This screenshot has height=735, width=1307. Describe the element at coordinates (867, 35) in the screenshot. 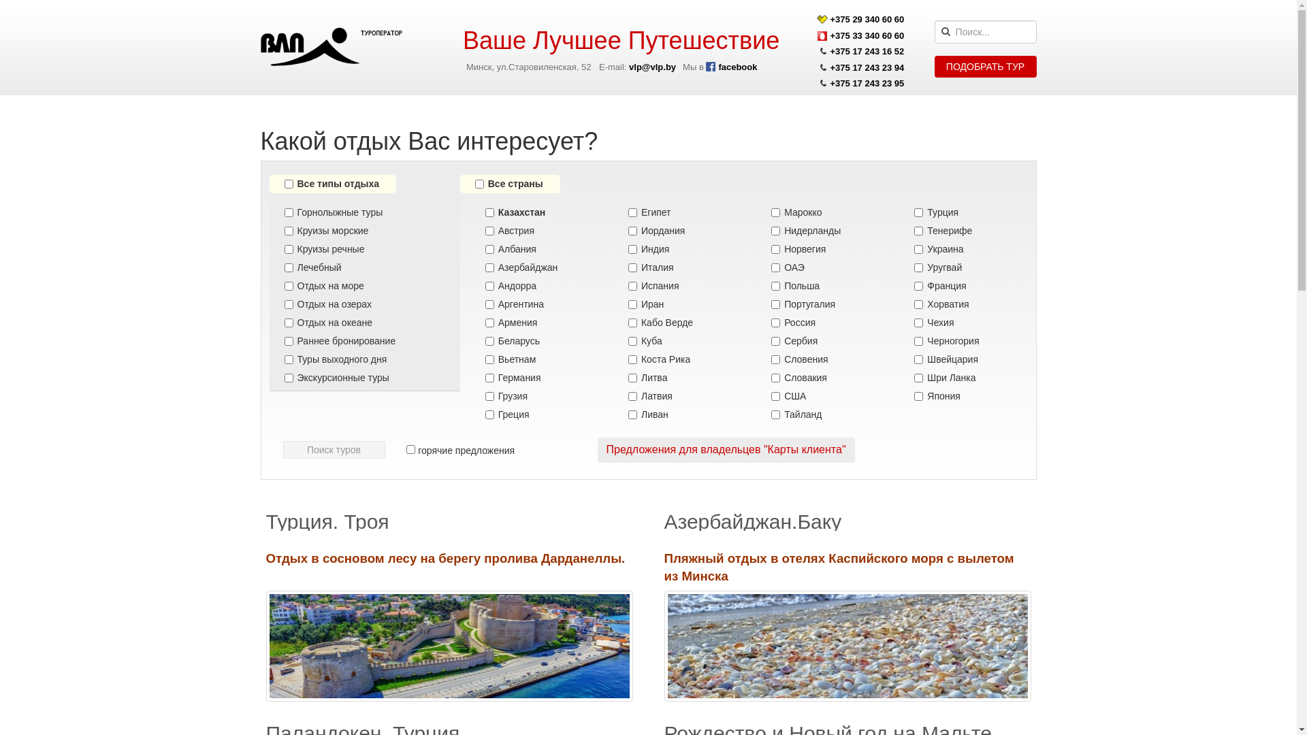

I see `'+375 33 340 60 60'` at that location.